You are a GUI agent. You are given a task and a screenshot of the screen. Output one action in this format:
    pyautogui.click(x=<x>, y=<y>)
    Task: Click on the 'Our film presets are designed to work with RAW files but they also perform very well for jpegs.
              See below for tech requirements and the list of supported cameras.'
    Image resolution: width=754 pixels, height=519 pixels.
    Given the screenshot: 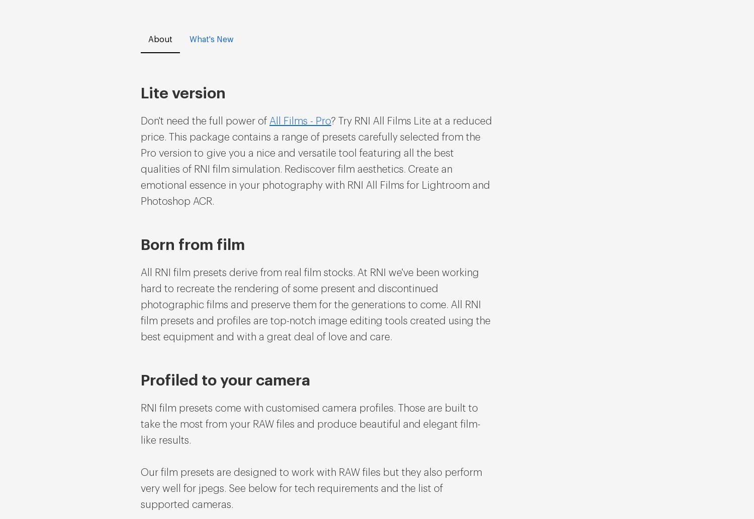 What is the action you would take?
    pyautogui.click(x=311, y=488)
    